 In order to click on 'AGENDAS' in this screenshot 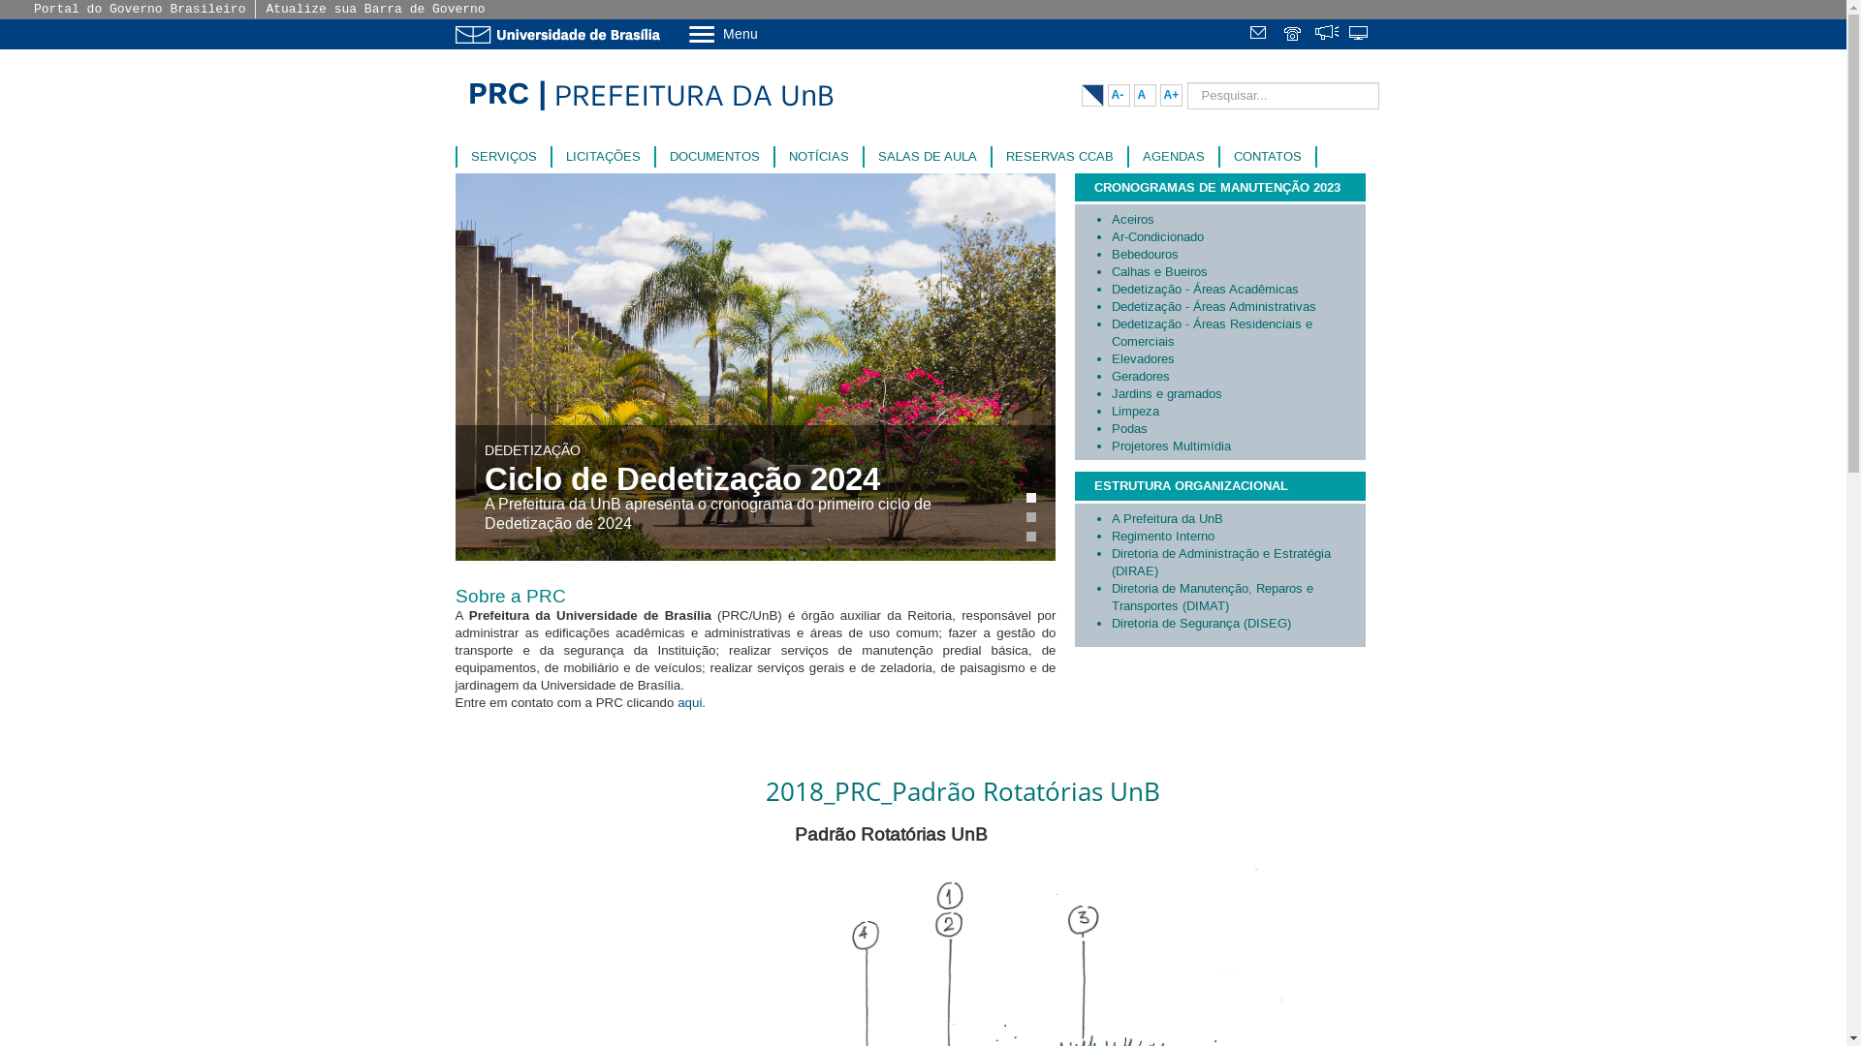, I will do `click(1171, 156)`.